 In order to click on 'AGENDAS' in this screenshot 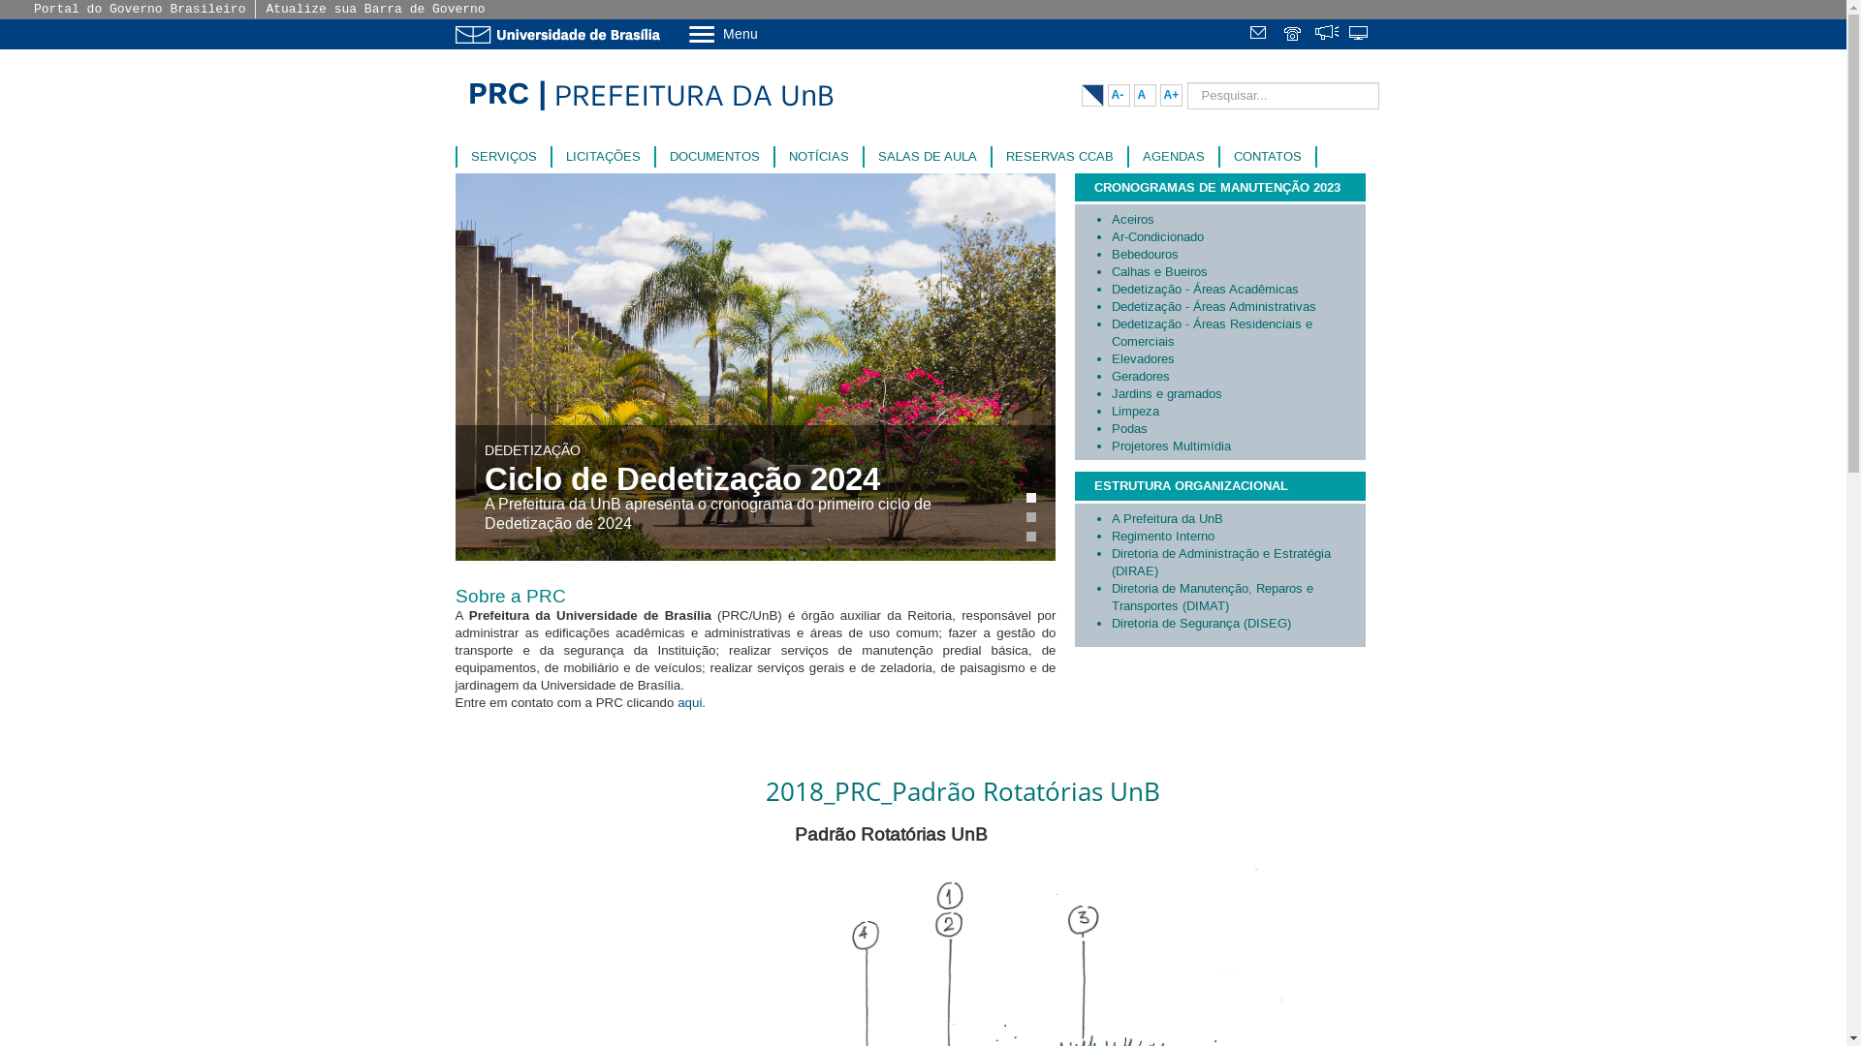, I will do `click(1171, 156)`.